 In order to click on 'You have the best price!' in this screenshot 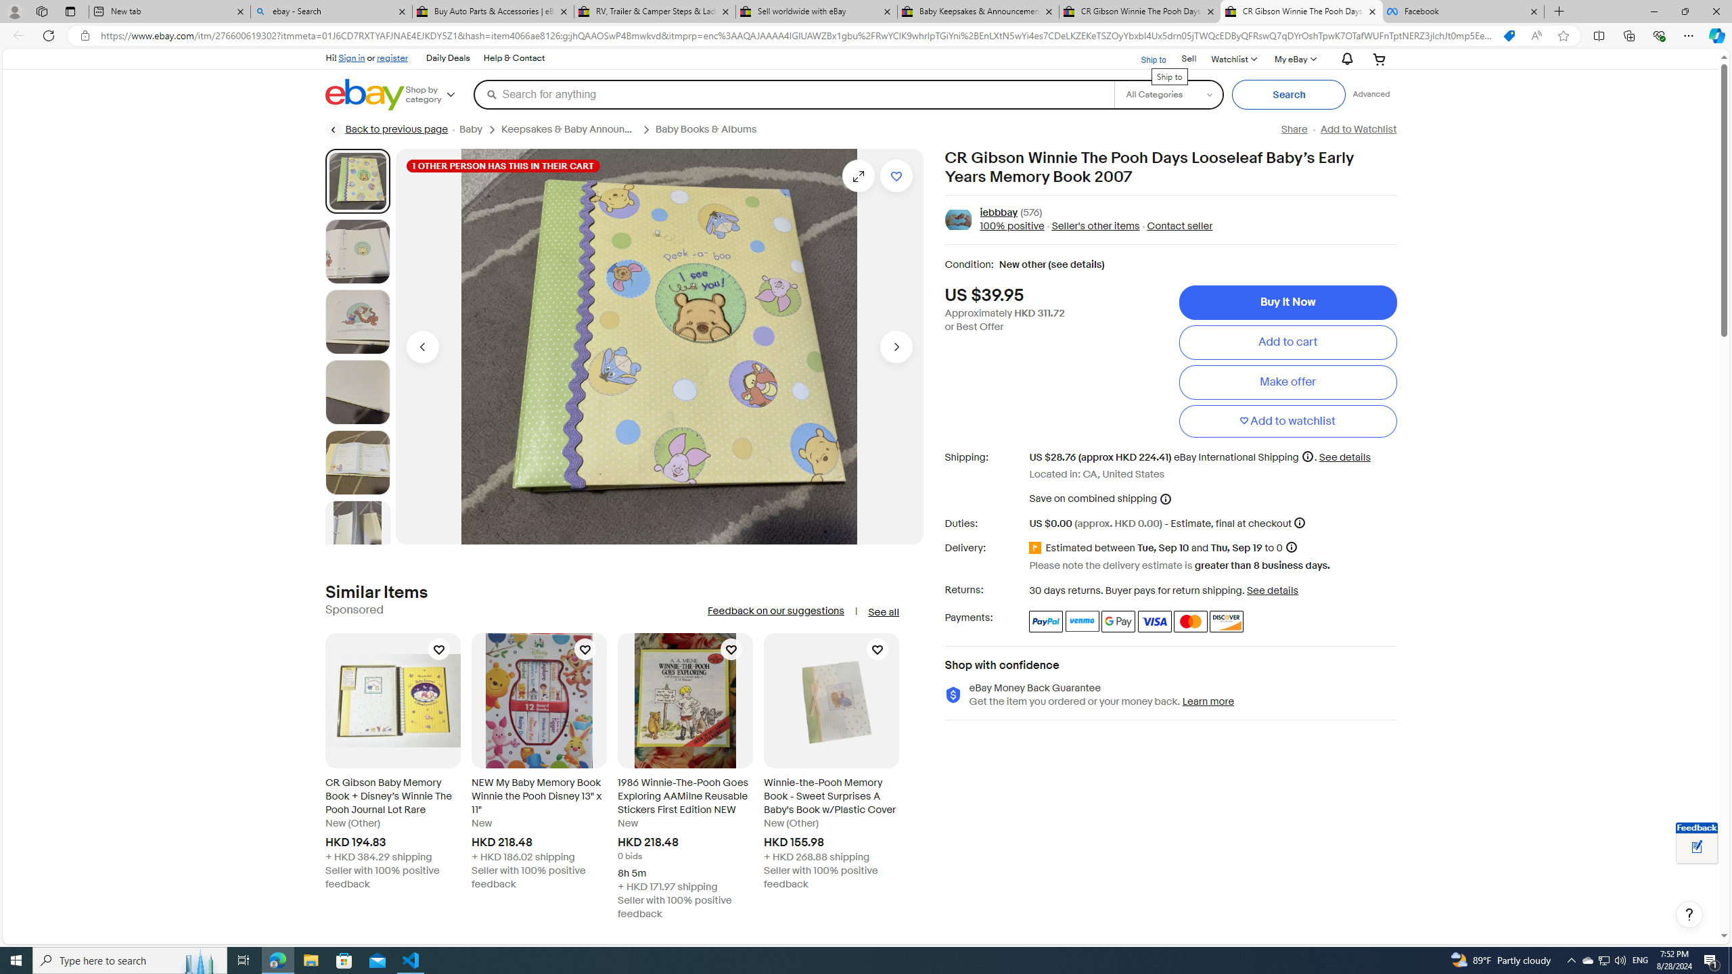, I will do `click(1509, 36)`.